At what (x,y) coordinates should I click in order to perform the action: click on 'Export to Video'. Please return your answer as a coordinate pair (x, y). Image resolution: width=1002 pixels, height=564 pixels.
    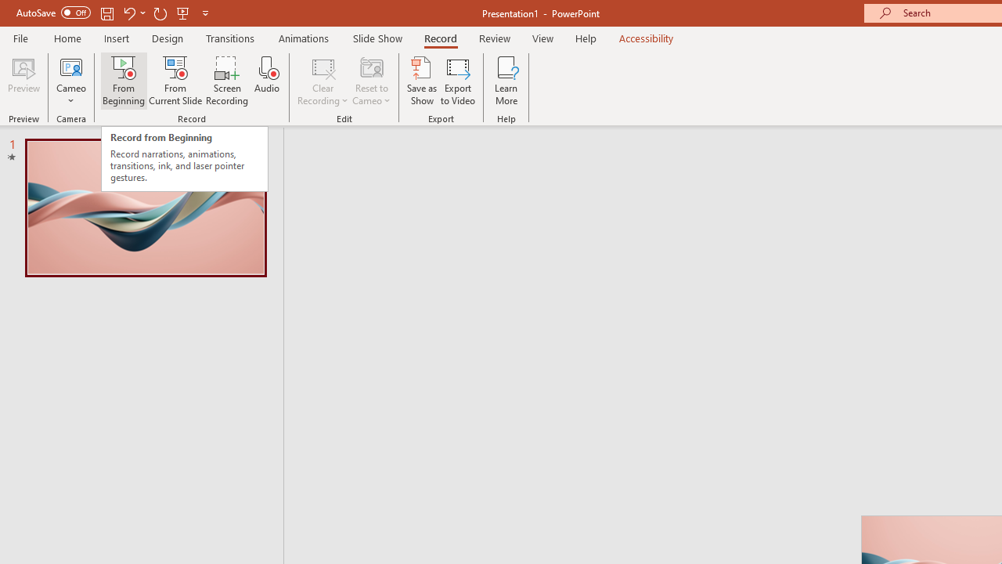
    Looking at the image, I should click on (457, 81).